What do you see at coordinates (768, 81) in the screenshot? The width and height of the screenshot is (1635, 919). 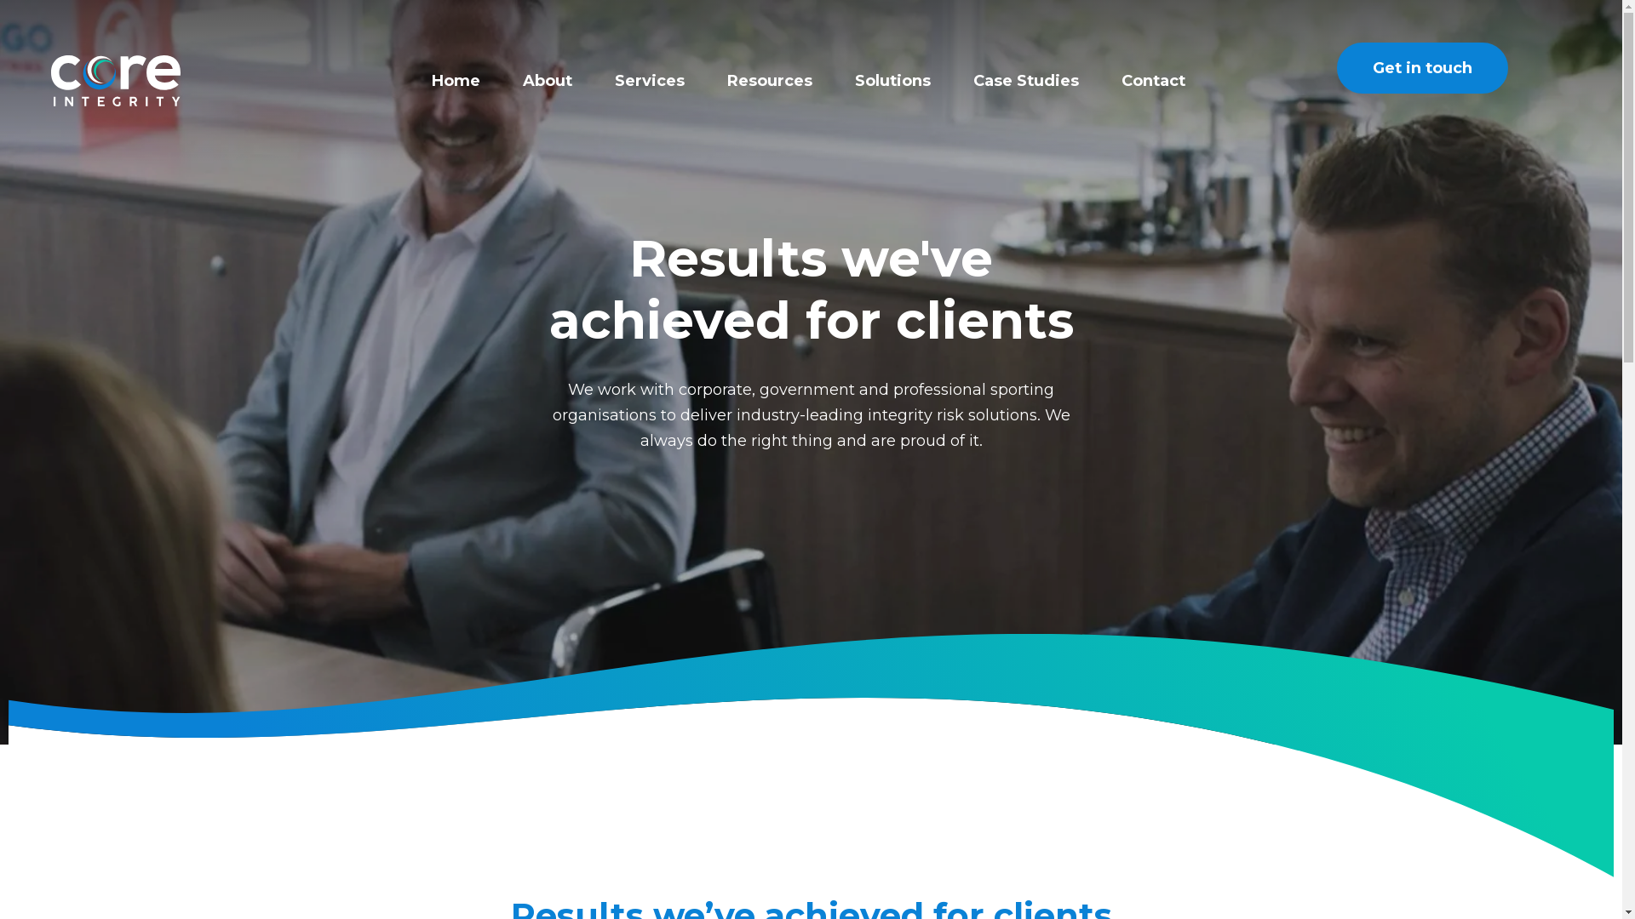 I see `'Resources'` at bounding box center [768, 81].